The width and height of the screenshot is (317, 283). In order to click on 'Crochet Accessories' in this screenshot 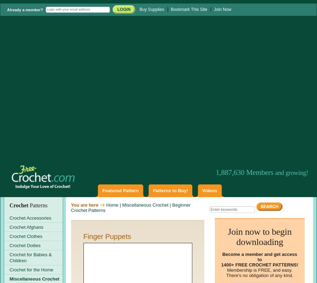, I will do `click(30, 218)`.